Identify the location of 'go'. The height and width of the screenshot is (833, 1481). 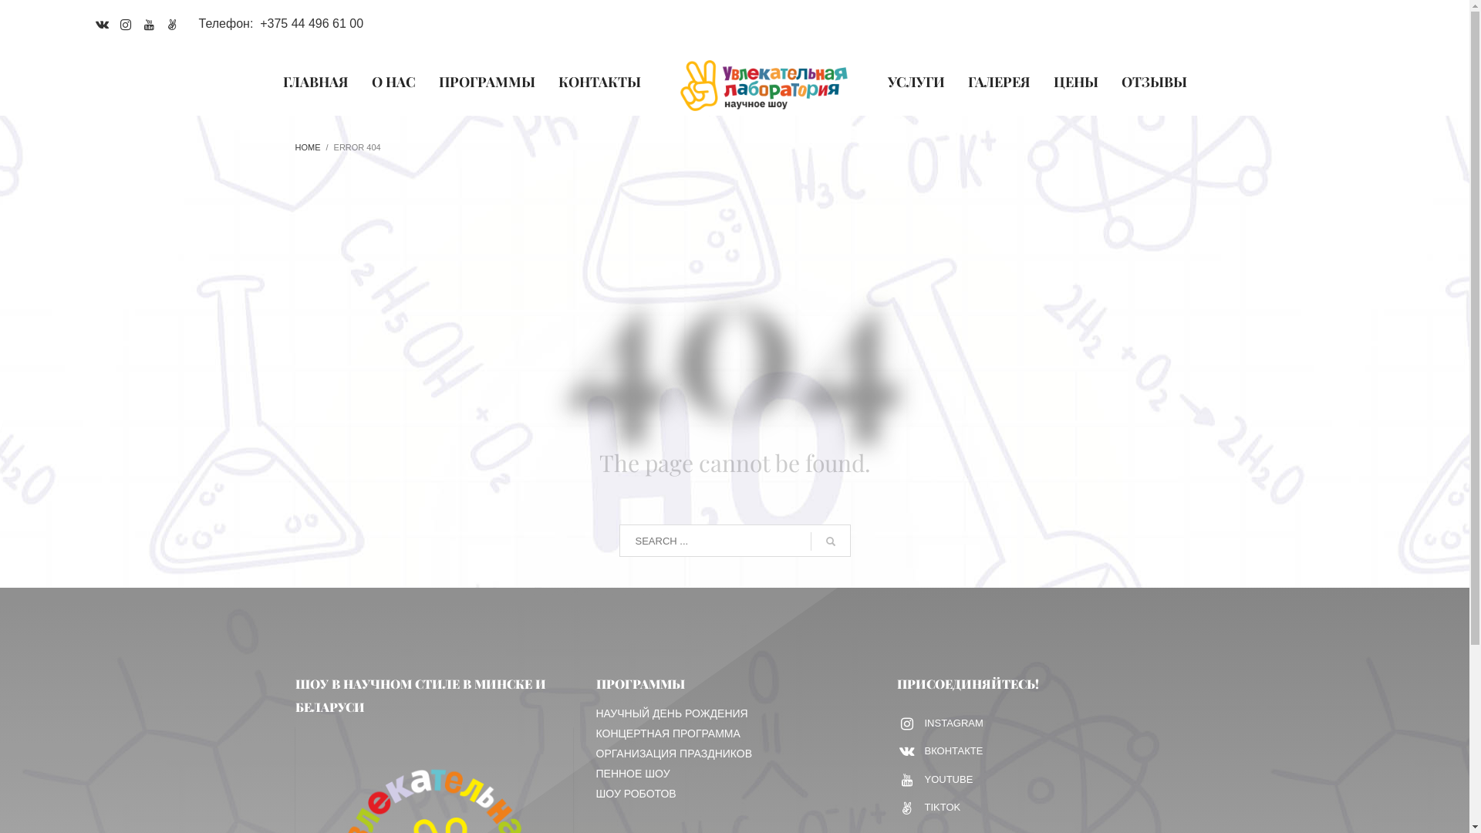
(809, 541).